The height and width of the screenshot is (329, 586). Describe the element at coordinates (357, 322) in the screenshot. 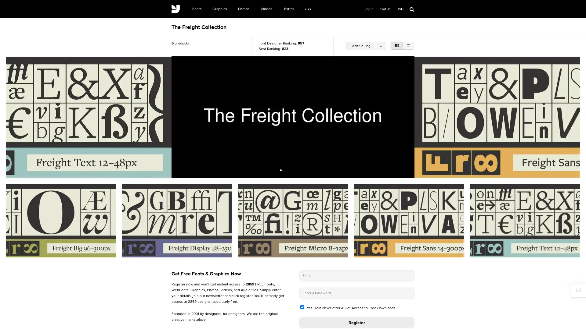

I see `Register` at that location.